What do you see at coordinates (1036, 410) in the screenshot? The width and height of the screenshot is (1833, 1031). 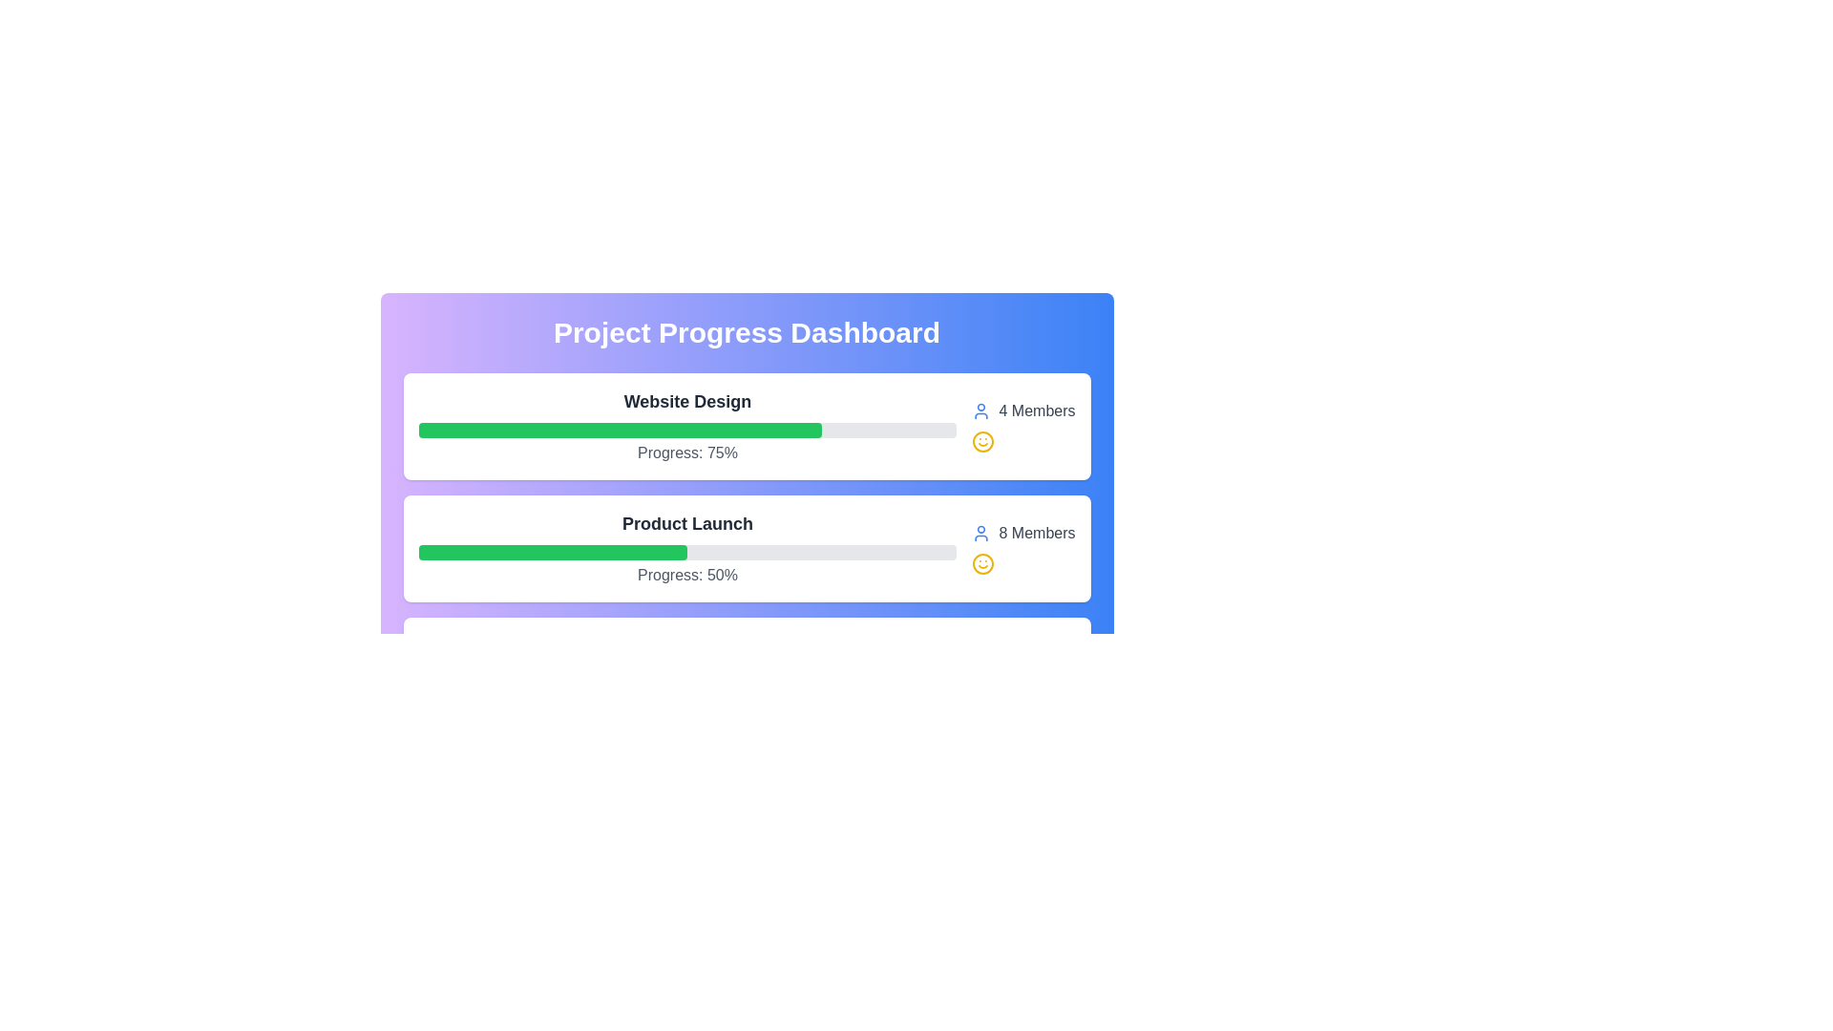 I see `displayed member count from the text component showing '4 Members', which is styled with gray color and located in the top-right corner of the 'Website Design' card, adjacent to the blue user icon` at bounding box center [1036, 410].